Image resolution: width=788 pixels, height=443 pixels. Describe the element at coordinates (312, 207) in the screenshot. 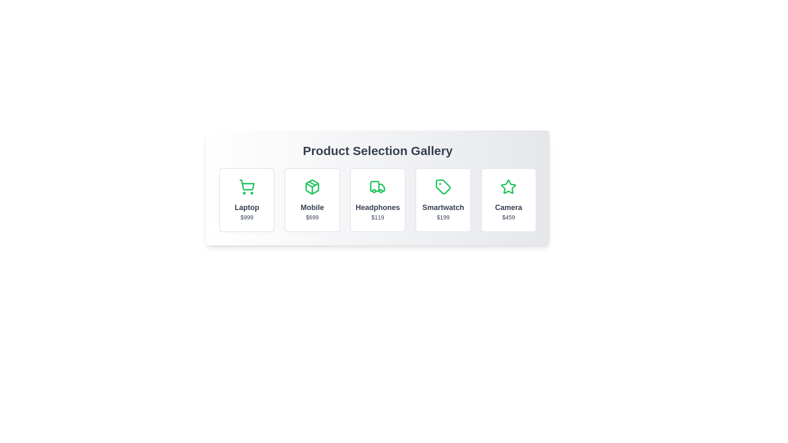

I see `the text label indicating the product name 'Mobile' located in the second card from the left under 'Product Selection Gallery'` at that location.